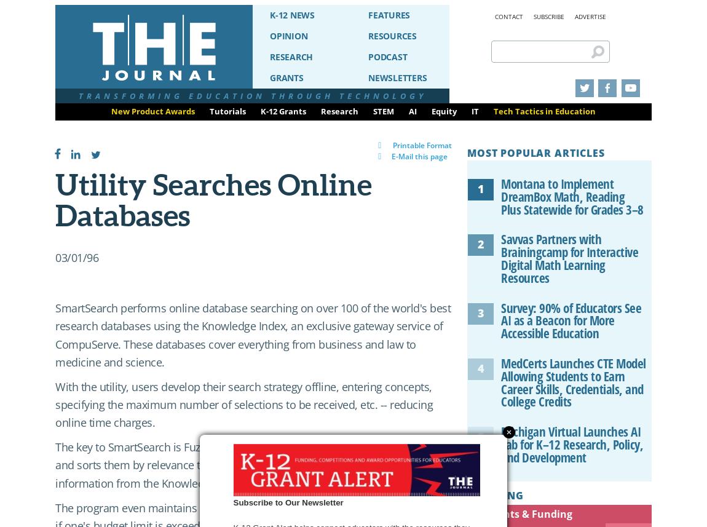 The width and height of the screenshot is (707, 527). Describe the element at coordinates (572, 444) in the screenshot. I see `'Michigan Virtual Launches AI Lab for K–12 Research, Policy, and Development'` at that location.